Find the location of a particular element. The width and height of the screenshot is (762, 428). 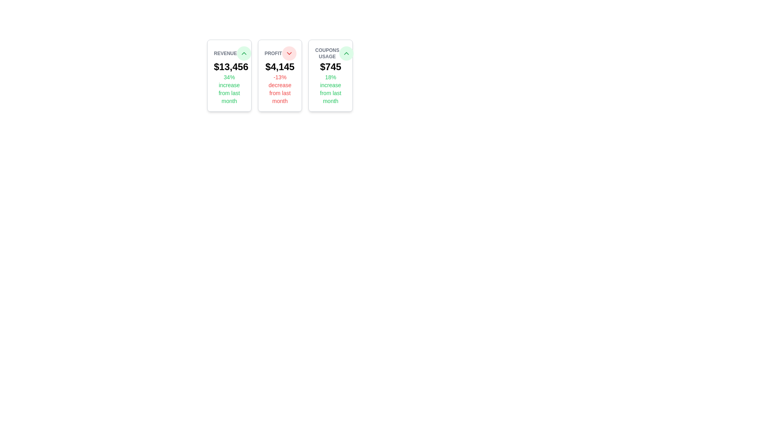

the label displaying '18% increase from last month' which is styled in green and located below the monetary value '$745' in the 'COUPONS USAGE' card is located at coordinates (331, 89).